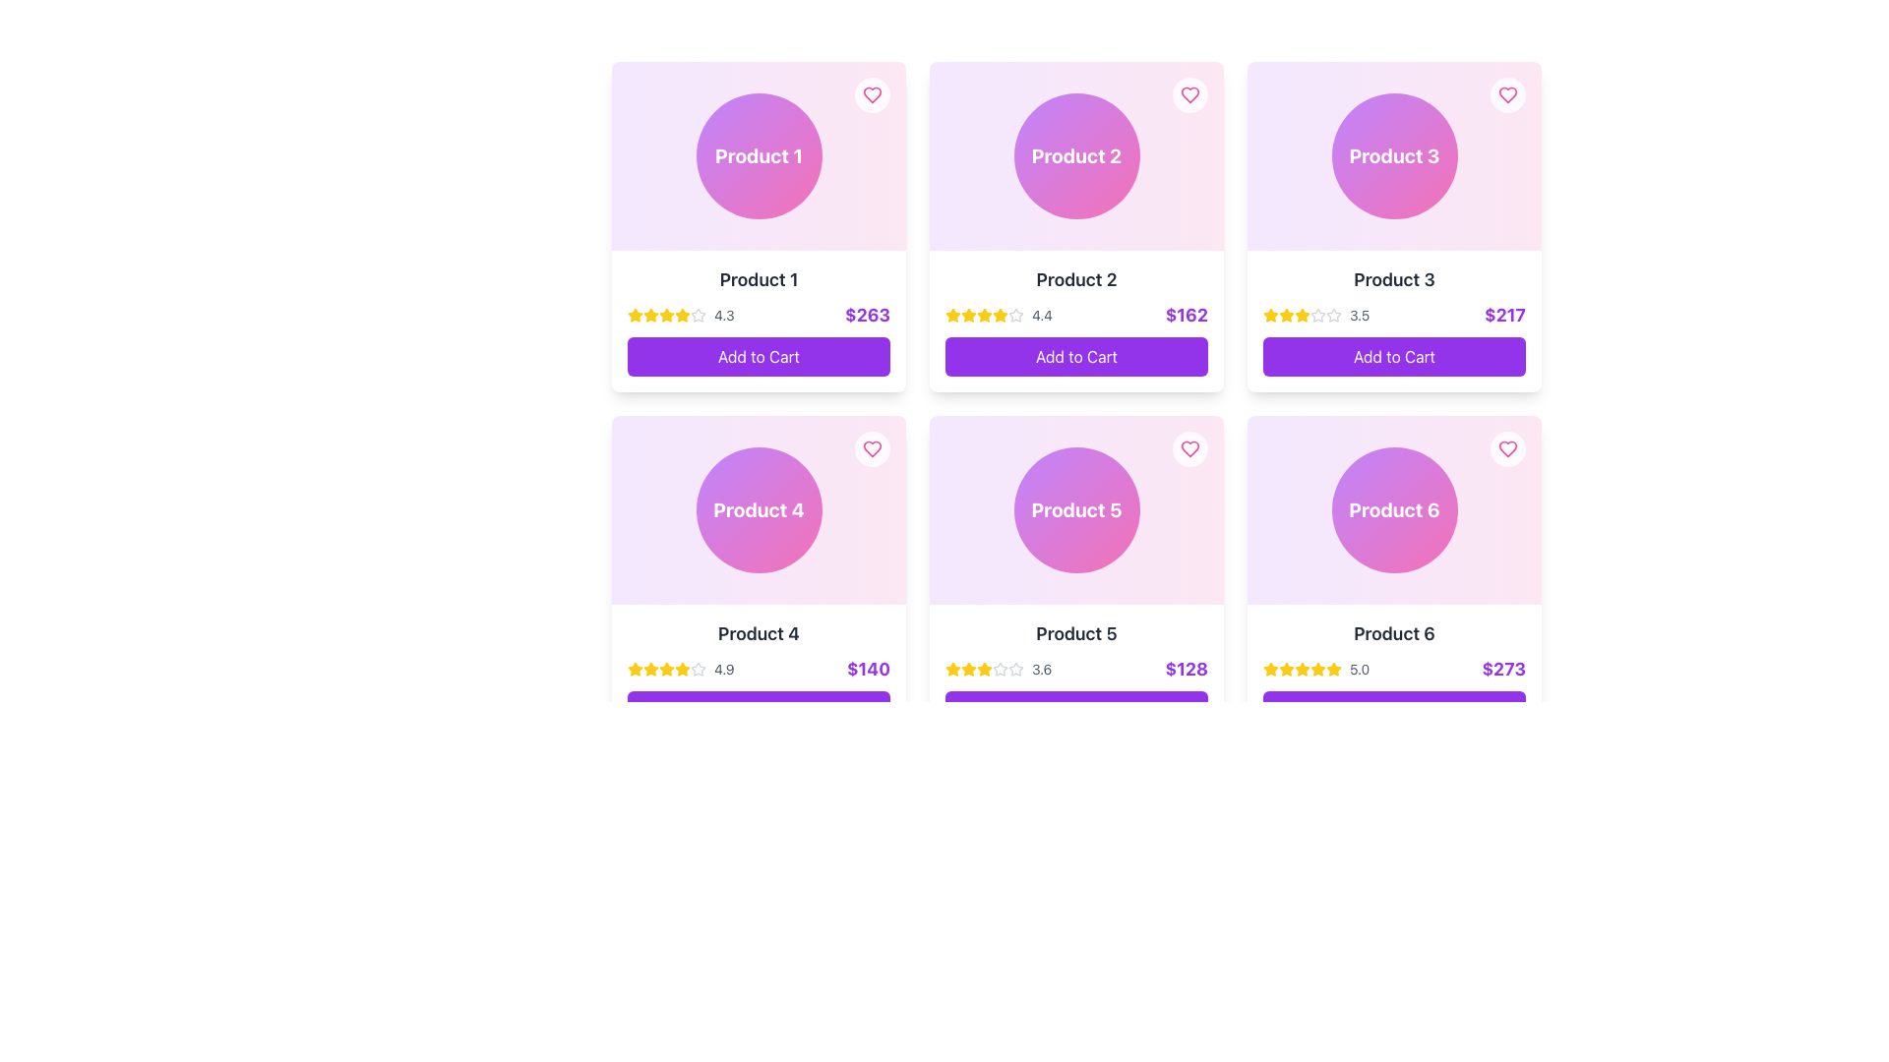 Image resolution: width=1889 pixels, height=1062 pixels. Describe the element at coordinates (1287, 314) in the screenshot. I see `the third star icon in the five-star rating system for 'Product 3', which represents a rating of '3.5'` at that location.